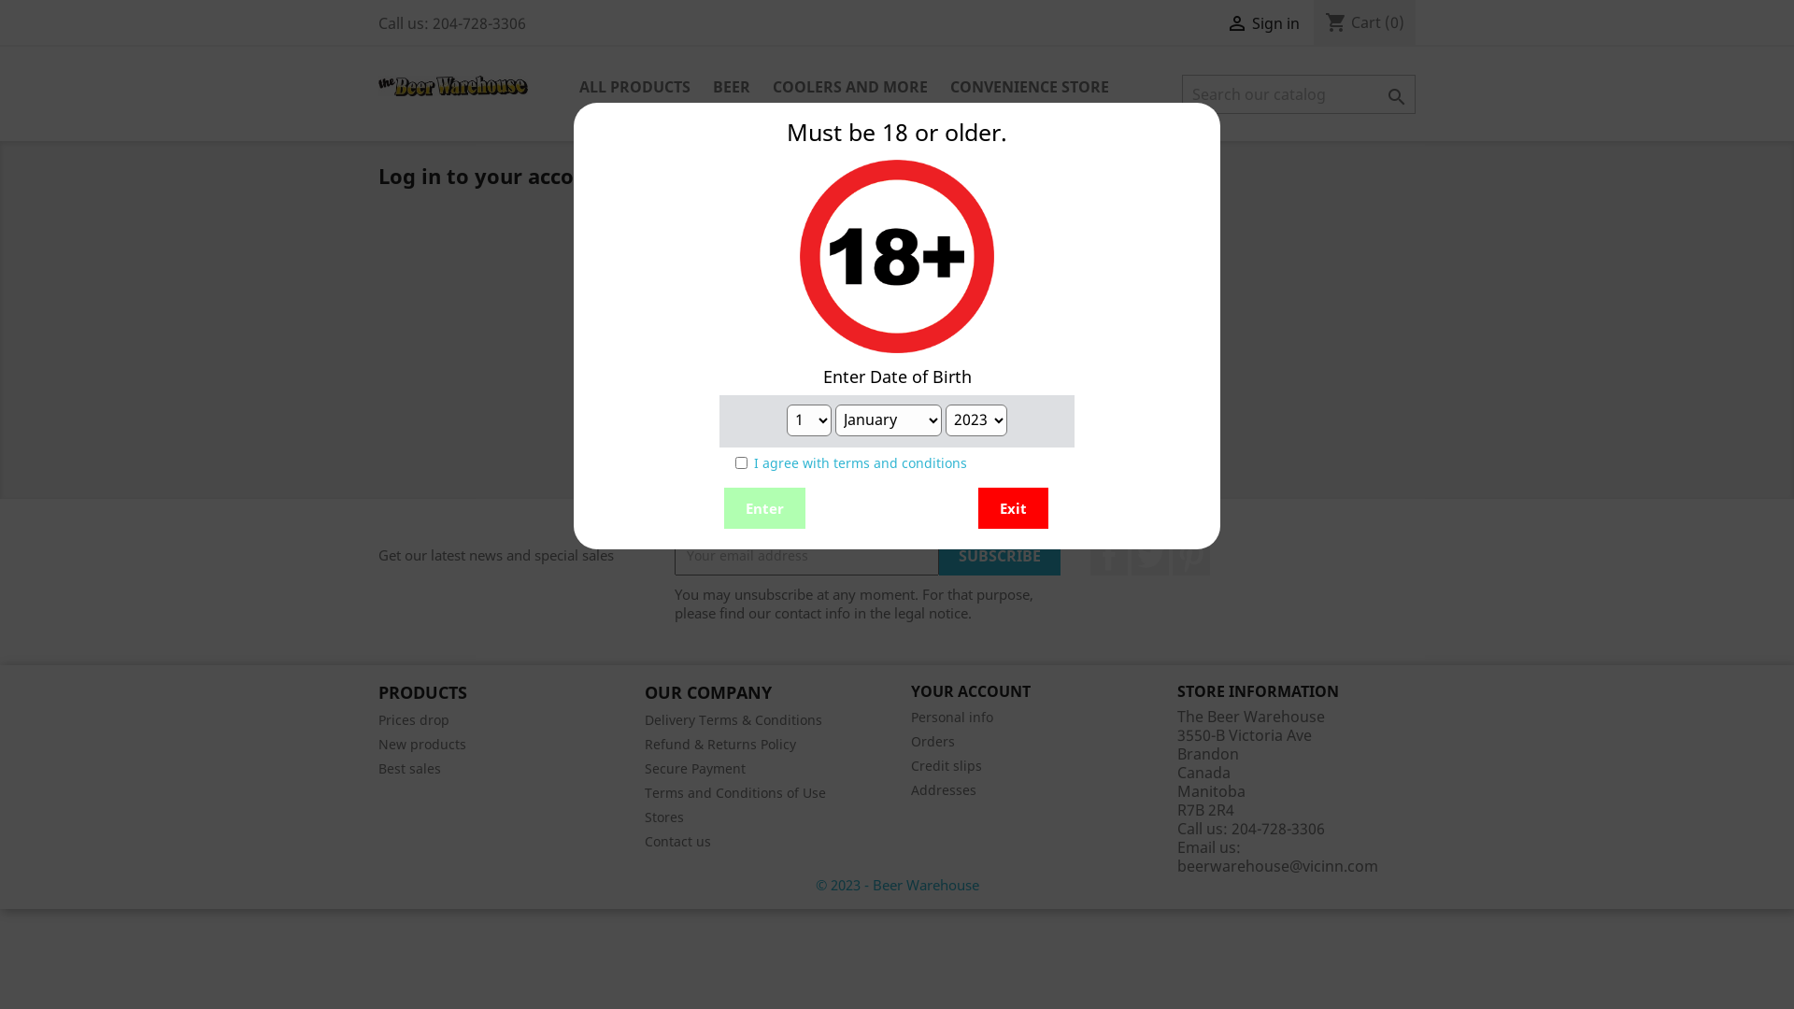 This screenshot has height=1009, width=1794. I want to click on 'Terms and Conditions of Use', so click(734, 792).